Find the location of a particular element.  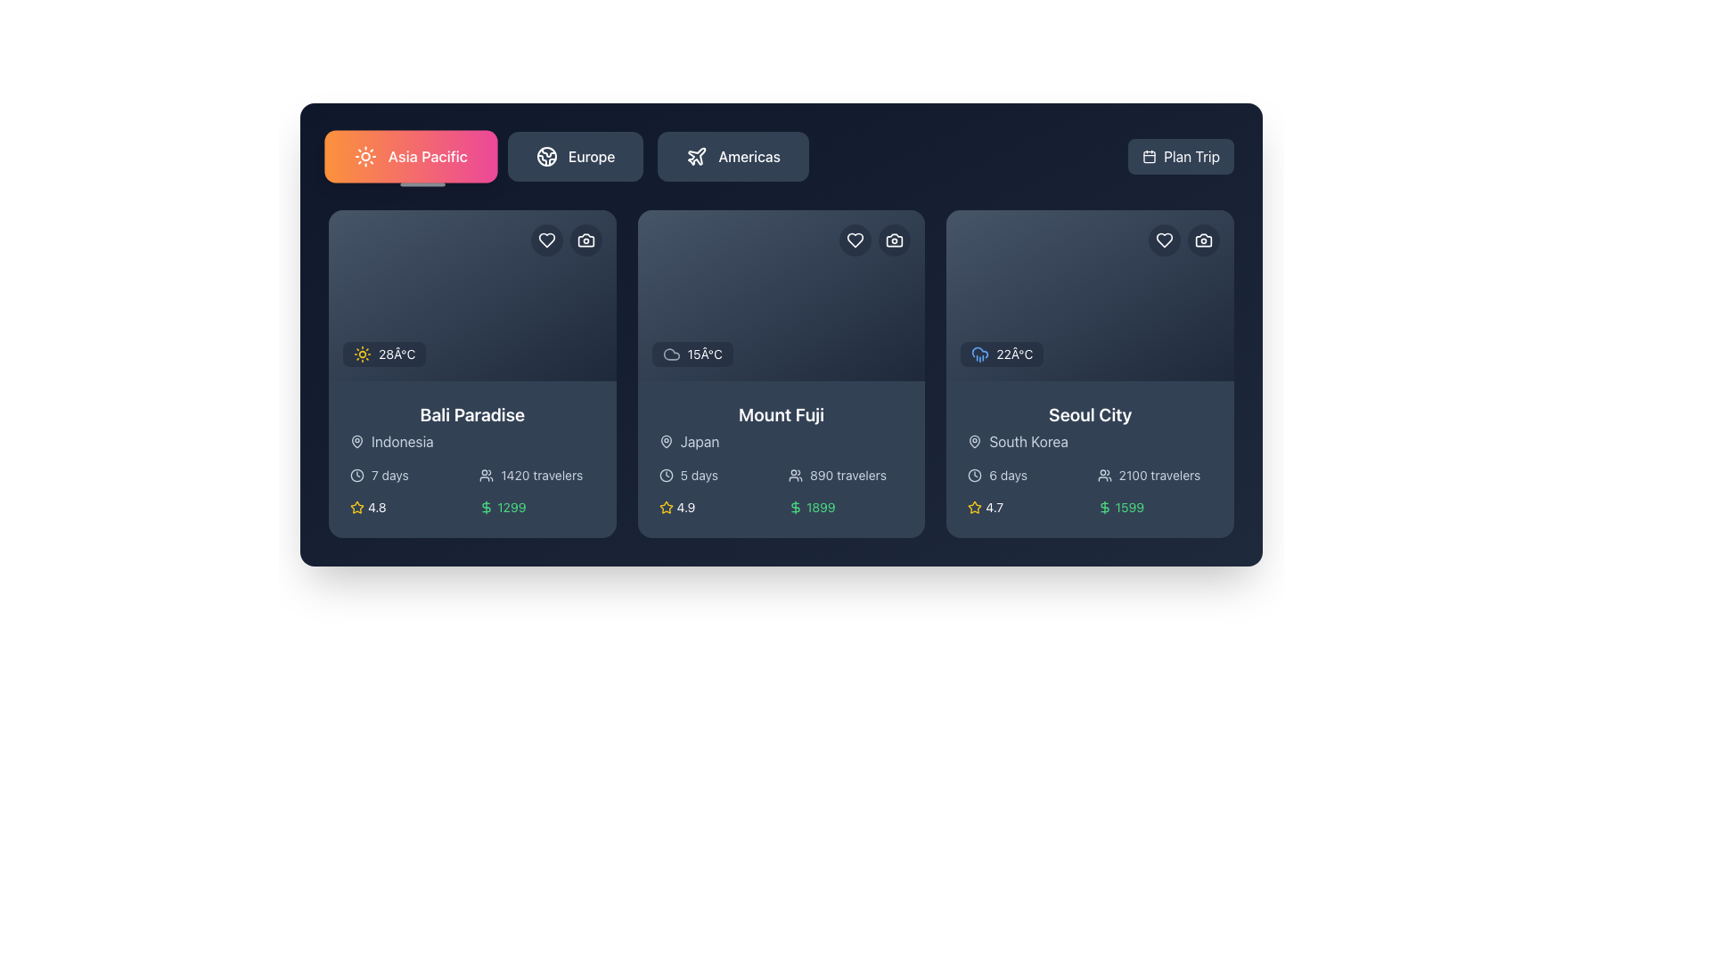

the static text label indicating the price of a travel option on the 'Bali Paradise' card, located at the bottom center of the card, to the right of the dollar sign icon is located at coordinates (511, 508).